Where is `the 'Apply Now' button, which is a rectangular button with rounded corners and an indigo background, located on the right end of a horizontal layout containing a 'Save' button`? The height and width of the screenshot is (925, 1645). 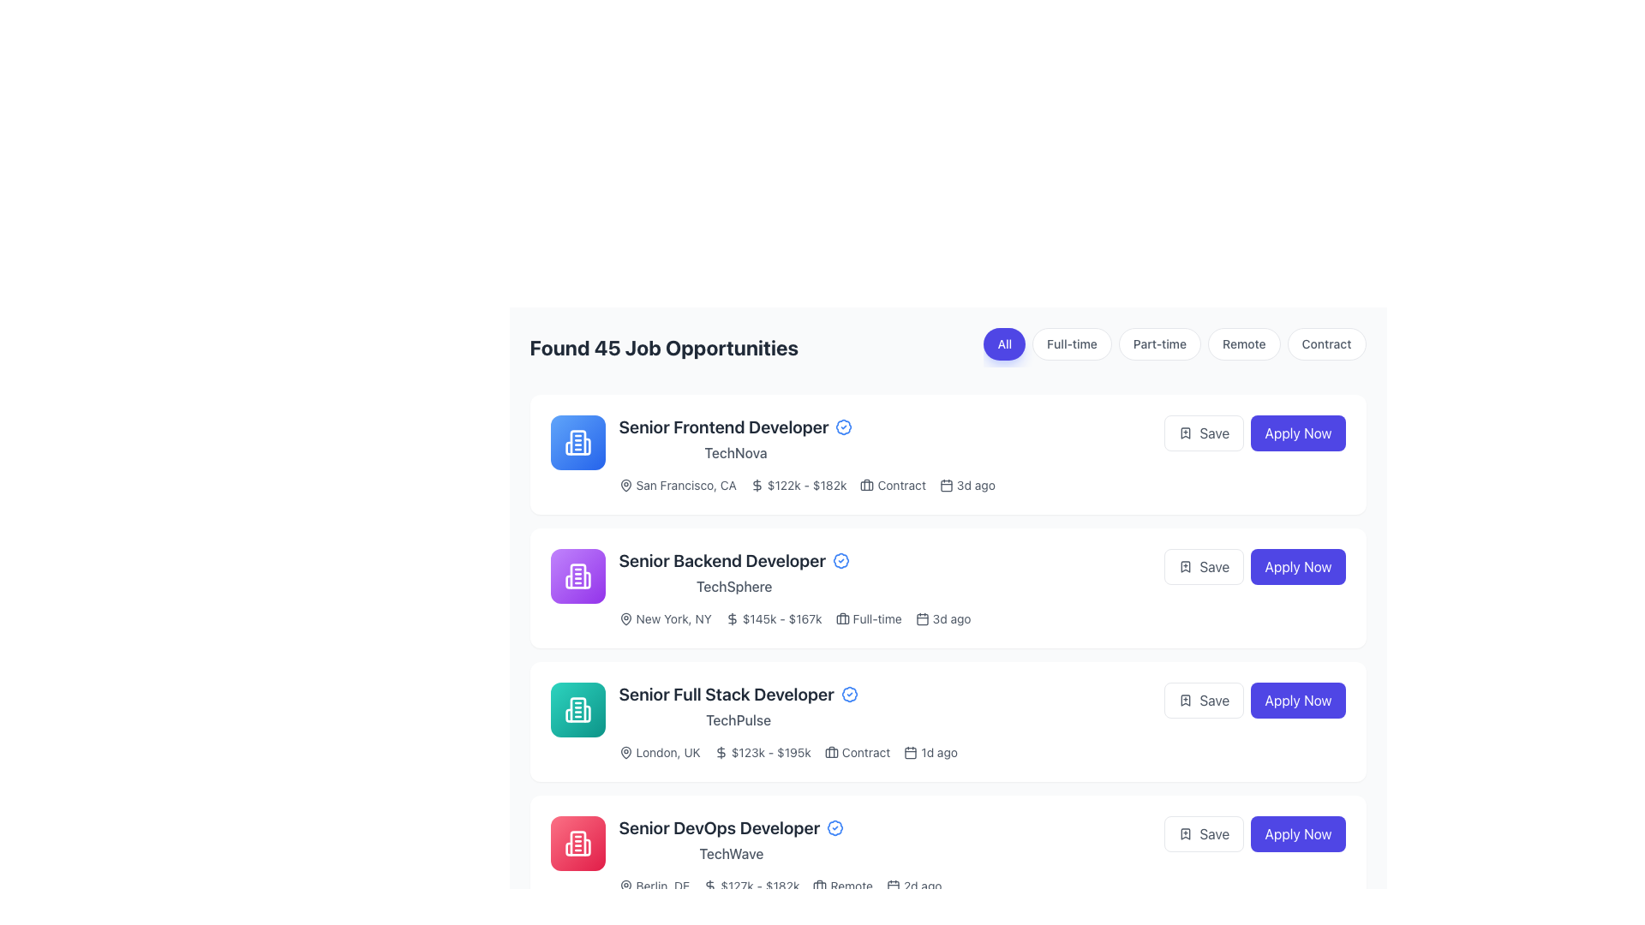
the 'Apply Now' button, which is a rectangular button with rounded corners and an indigo background, located on the right end of a horizontal layout containing a 'Save' button is located at coordinates (1298, 432).